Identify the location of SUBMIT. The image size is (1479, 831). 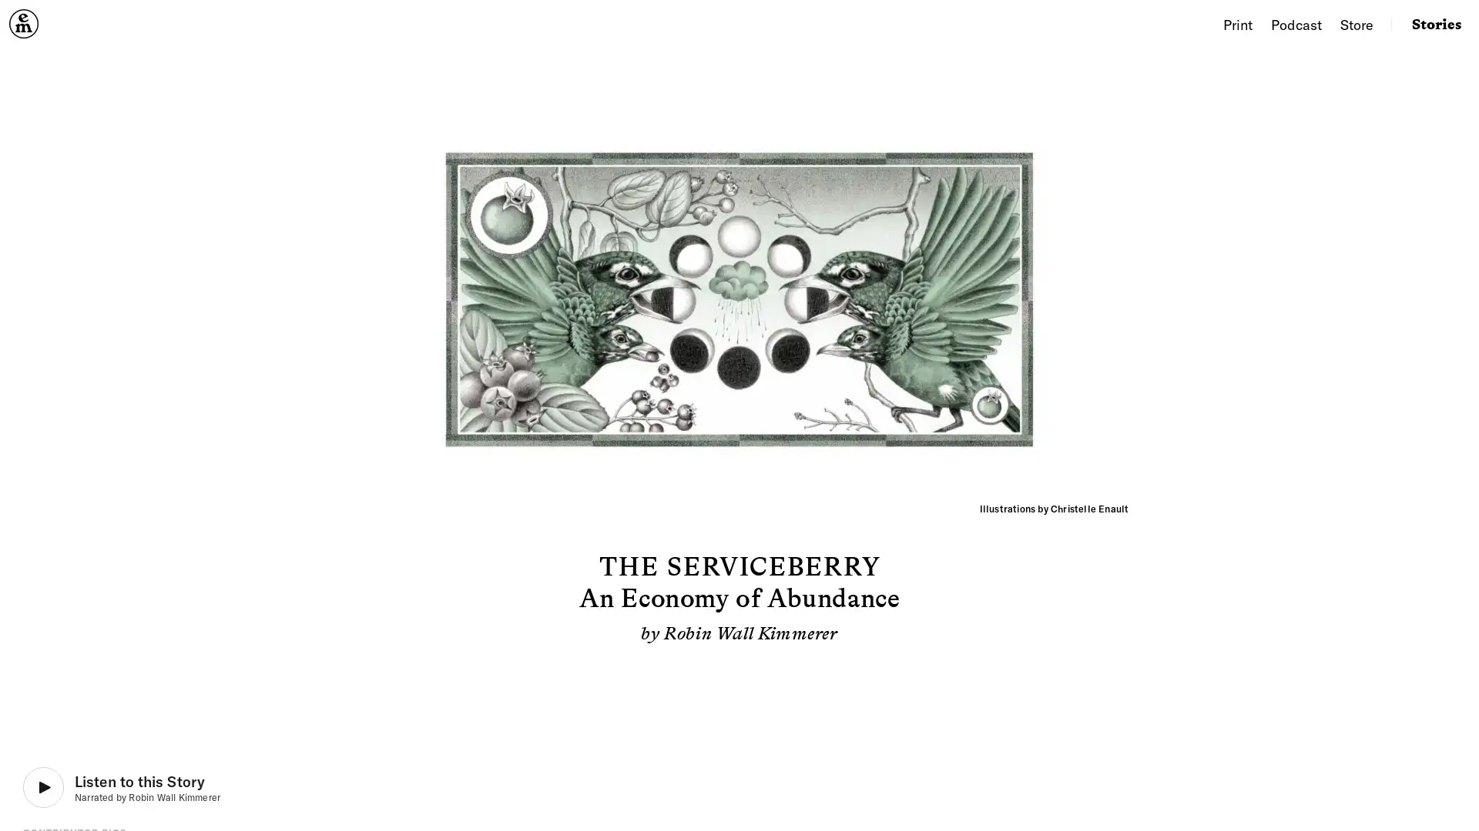
(877, 526).